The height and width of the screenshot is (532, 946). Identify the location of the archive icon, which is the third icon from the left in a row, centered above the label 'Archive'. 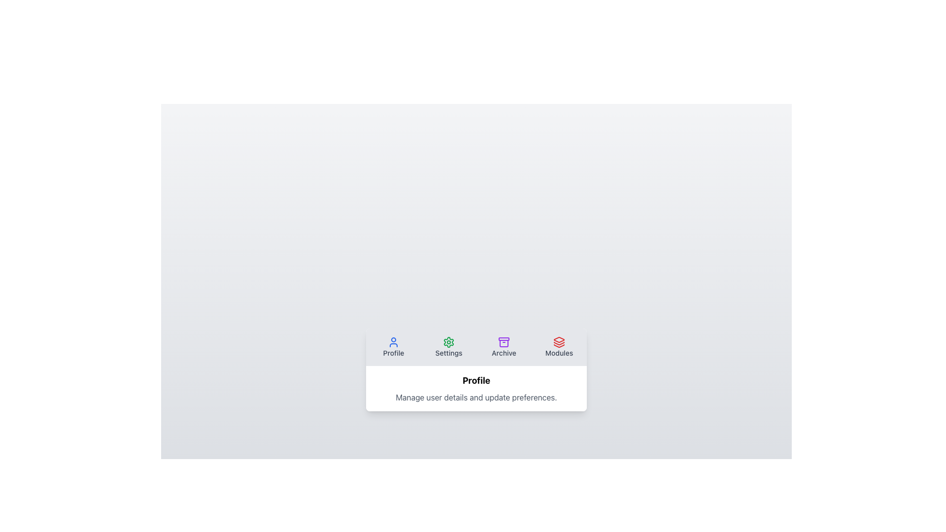
(504, 341).